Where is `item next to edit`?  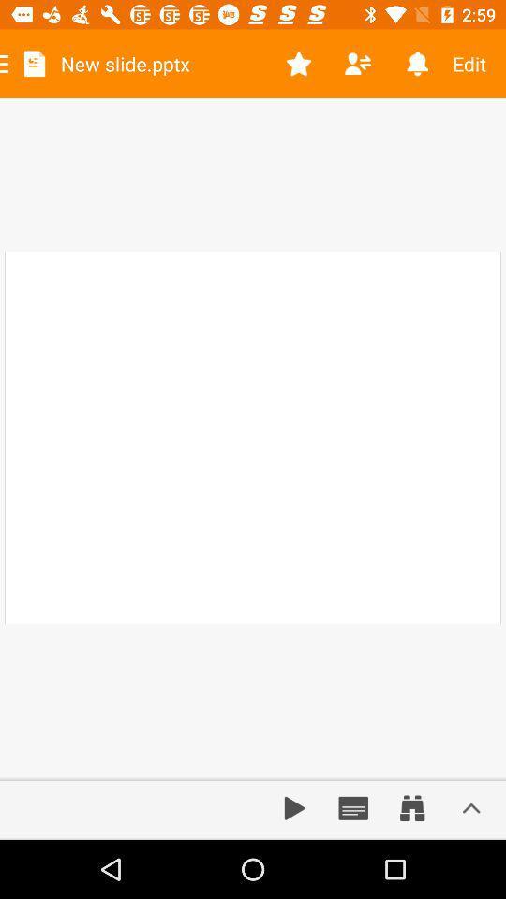 item next to edit is located at coordinates (417, 64).